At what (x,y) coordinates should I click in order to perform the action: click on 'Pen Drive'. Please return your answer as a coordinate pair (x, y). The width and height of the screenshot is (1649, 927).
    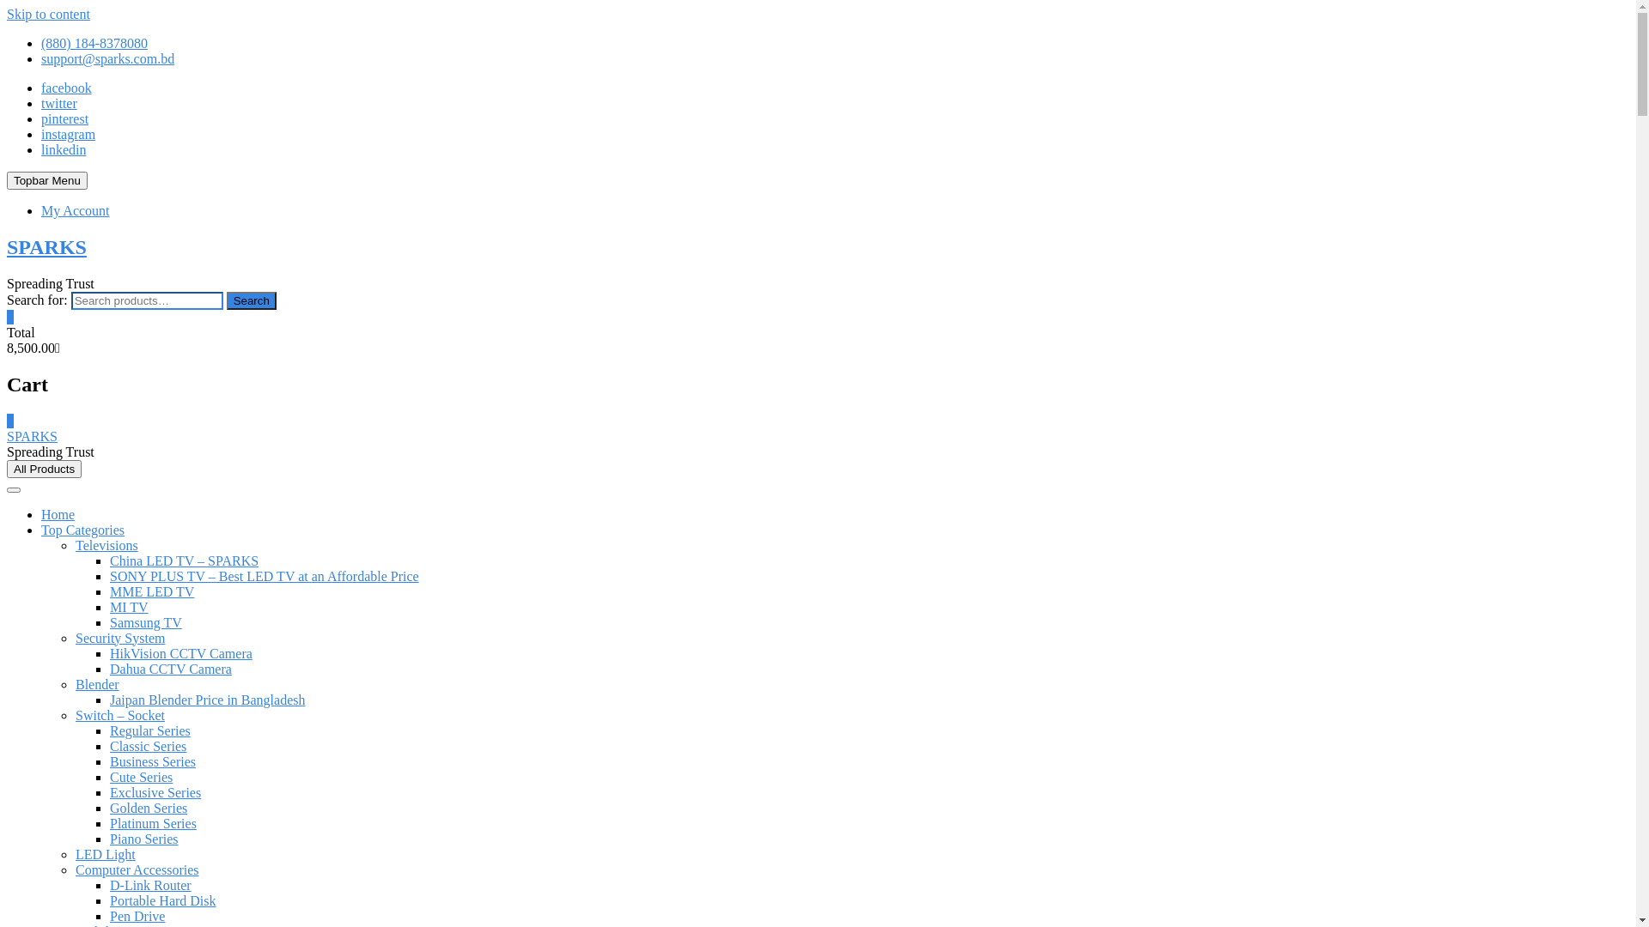
    Looking at the image, I should click on (136, 915).